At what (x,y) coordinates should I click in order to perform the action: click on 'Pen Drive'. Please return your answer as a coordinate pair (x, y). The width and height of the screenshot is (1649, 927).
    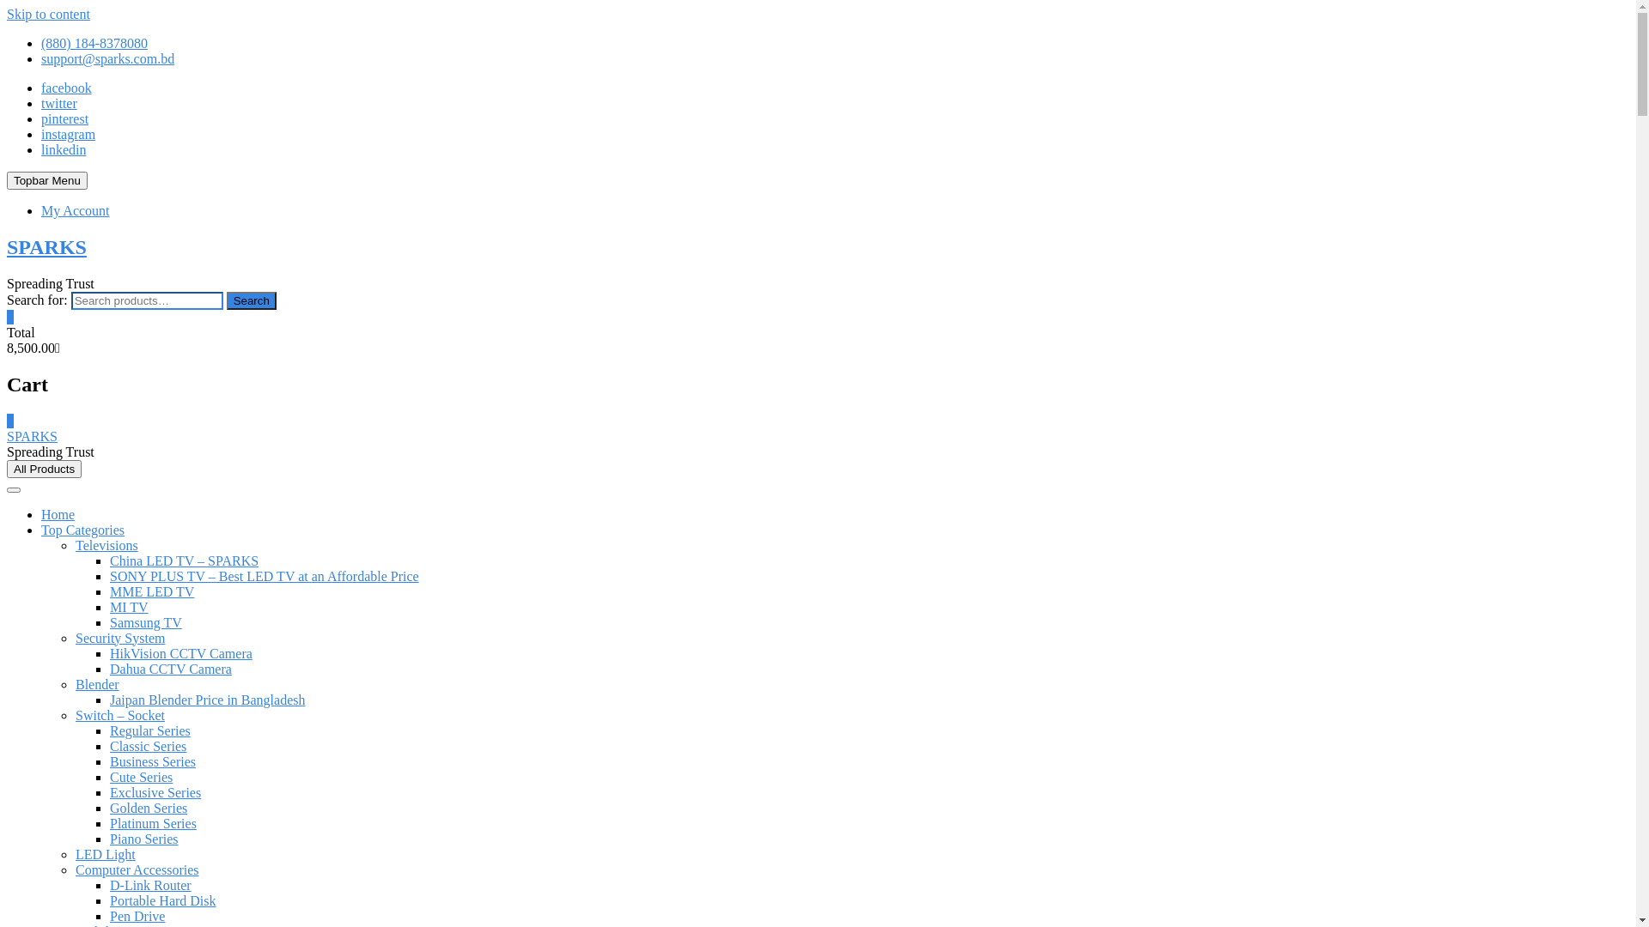
    Looking at the image, I should click on (136, 915).